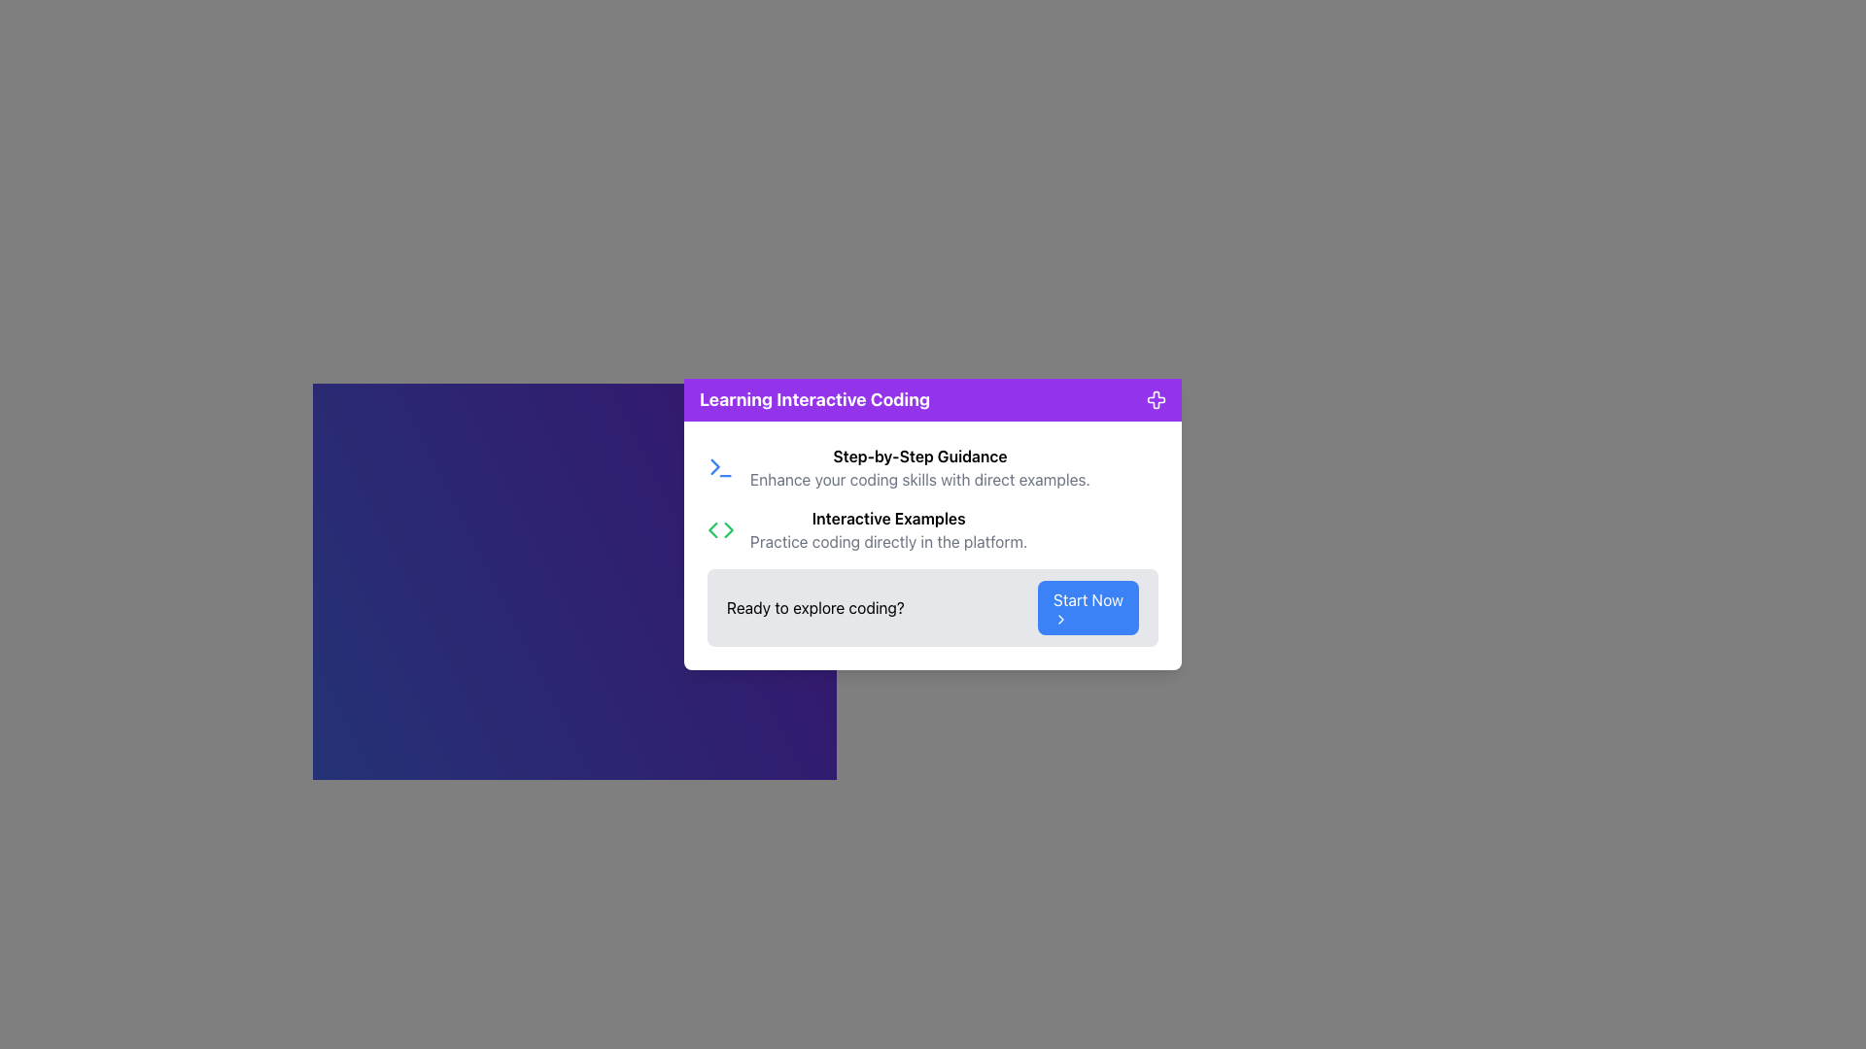  I want to click on the text label providing supplementary information related to 'Step-by-Step Guidance,' which is located below the headline text within a white background panel, so click(918, 479).